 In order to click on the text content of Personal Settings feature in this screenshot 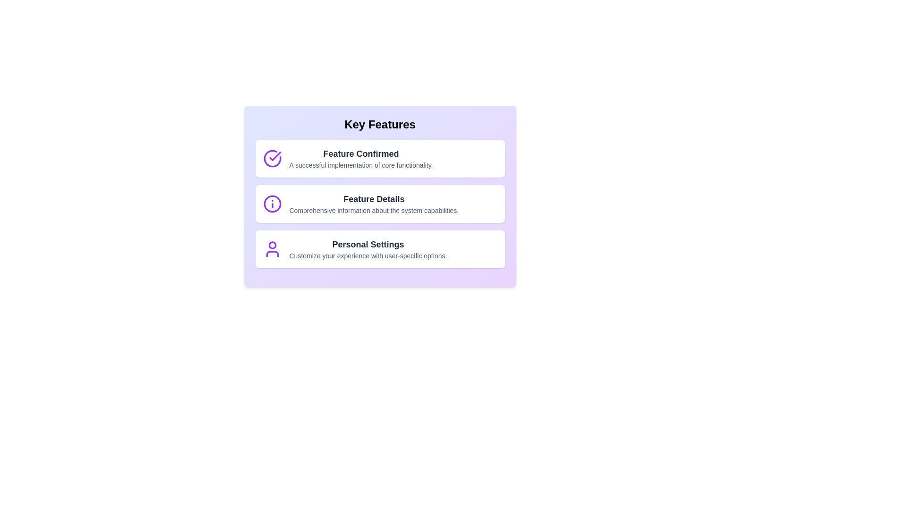, I will do `click(380, 249)`.